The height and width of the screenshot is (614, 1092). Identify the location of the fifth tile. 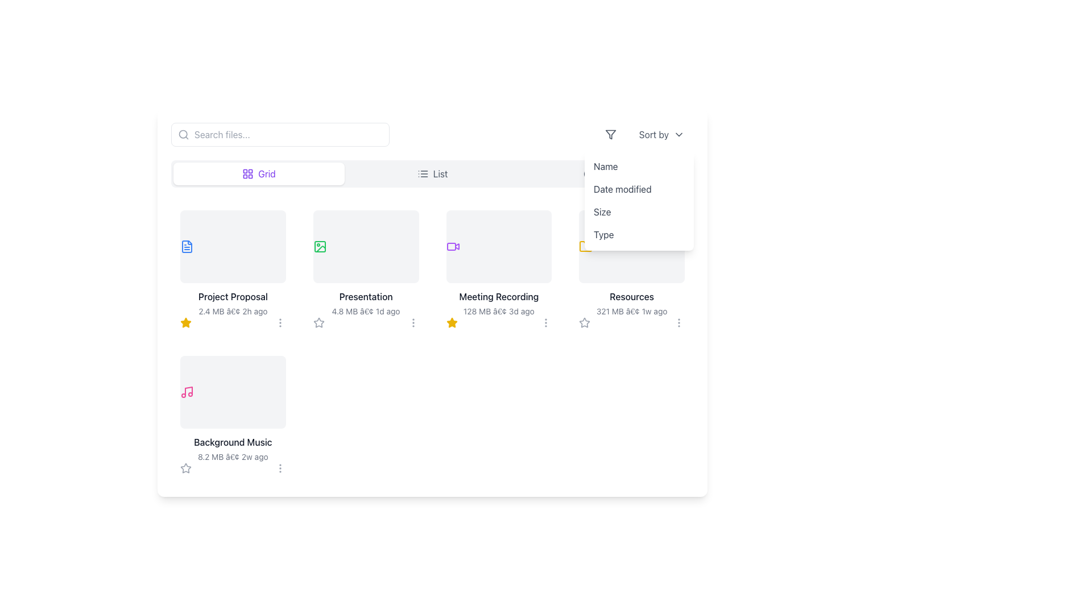
(232, 414).